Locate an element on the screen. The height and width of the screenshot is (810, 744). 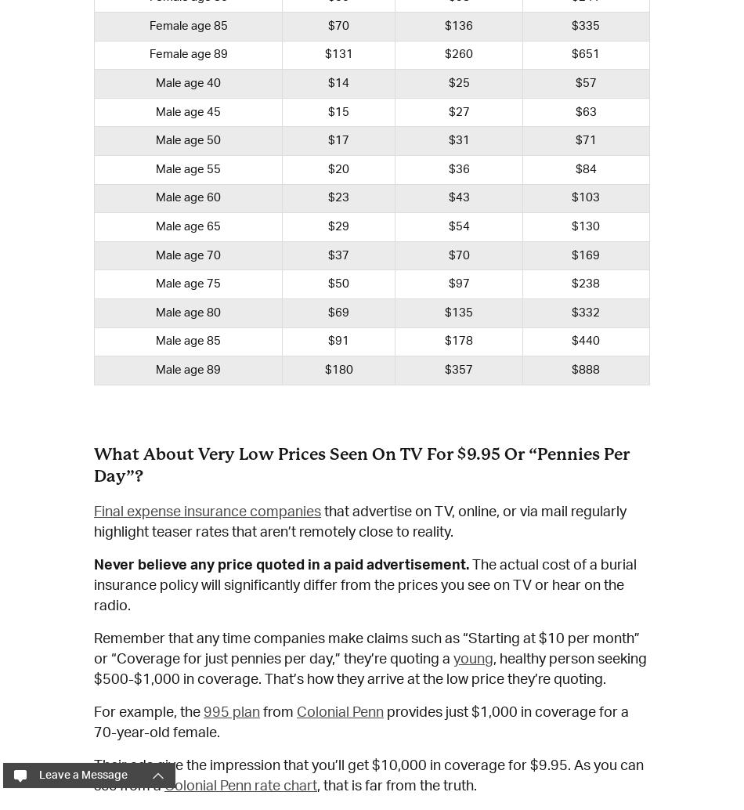
'Male age 65' is located at coordinates (187, 225).